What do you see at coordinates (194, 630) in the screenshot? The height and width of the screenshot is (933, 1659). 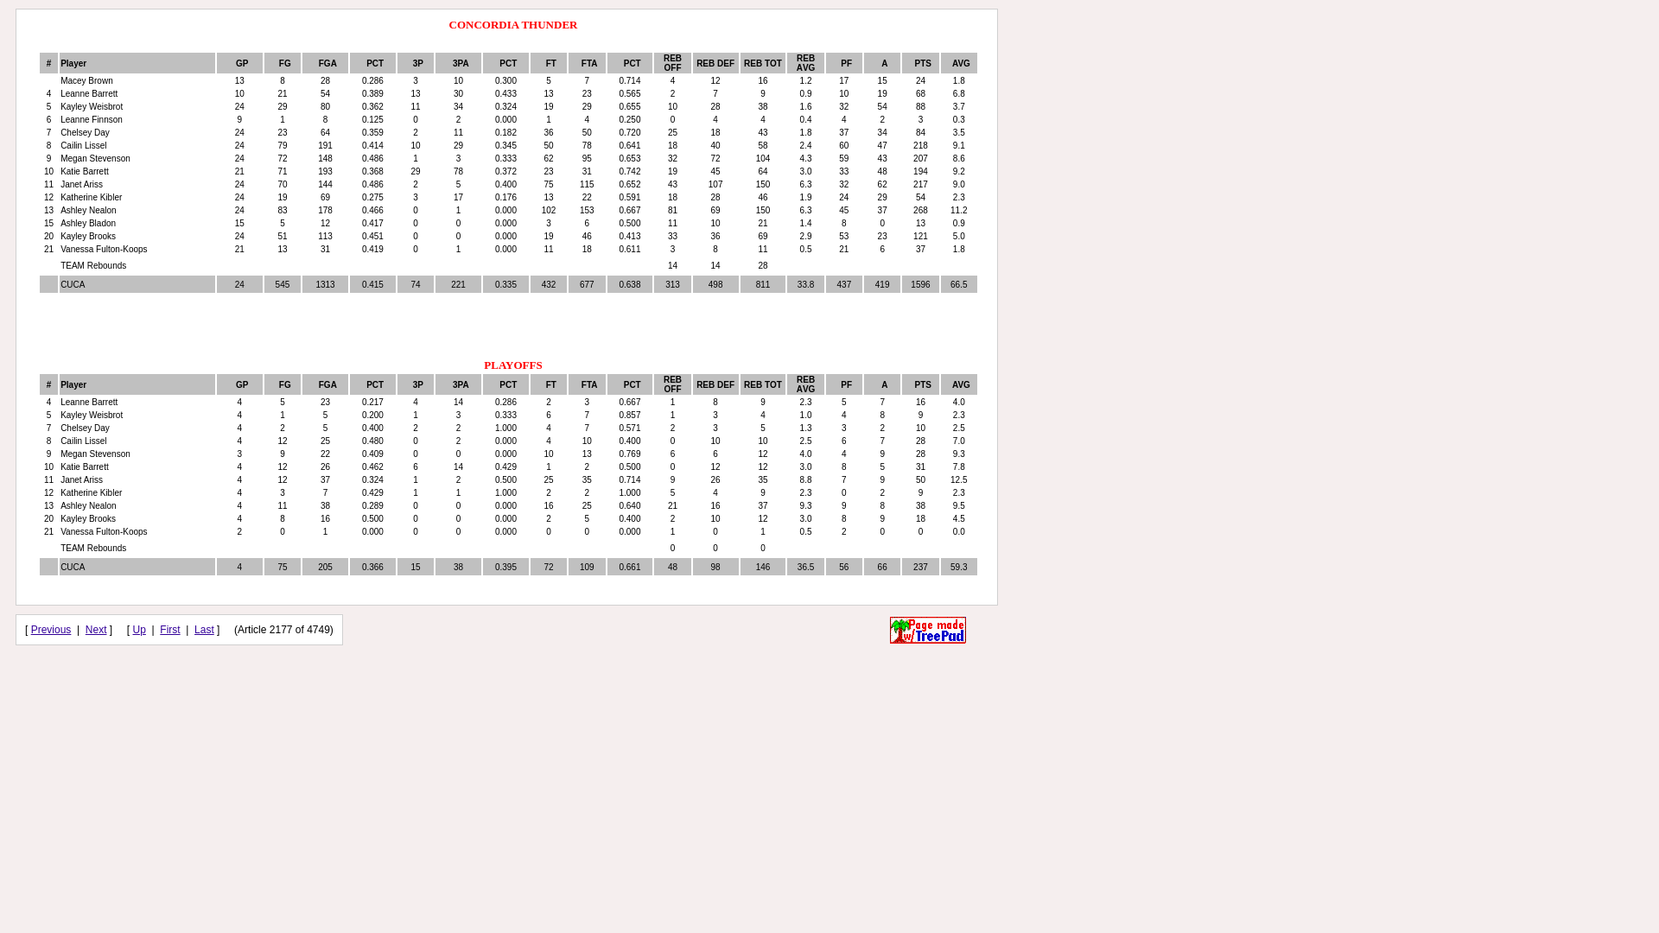 I see `'Last'` at bounding box center [194, 630].